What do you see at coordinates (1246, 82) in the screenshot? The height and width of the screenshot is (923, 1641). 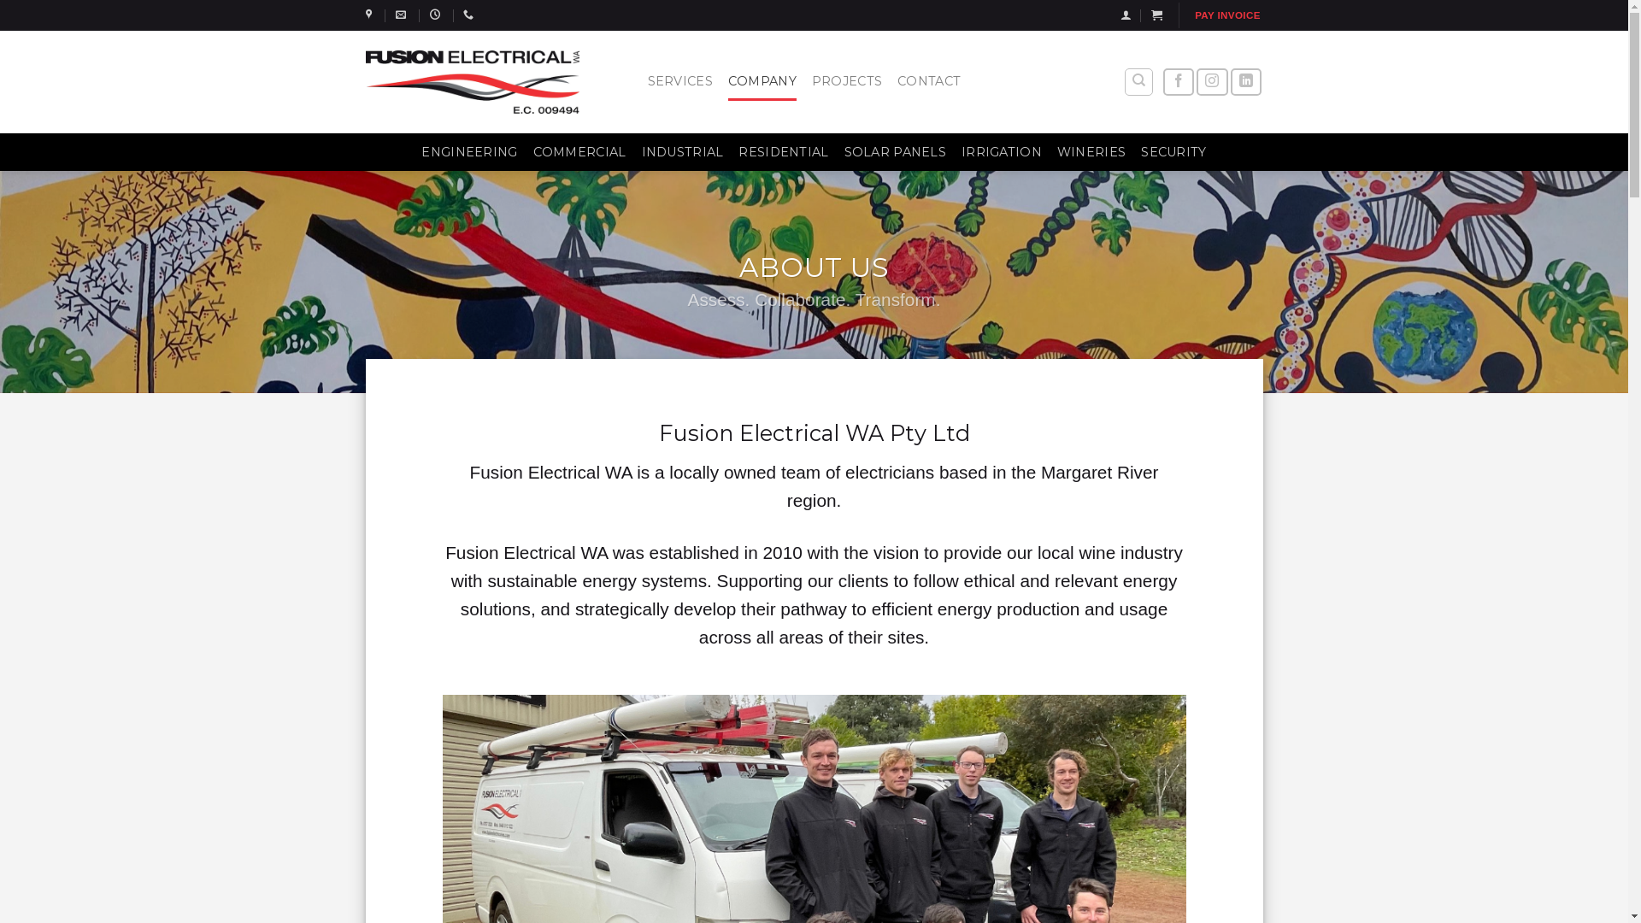 I see `'Follow on LinkedIn'` at bounding box center [1246, 82].